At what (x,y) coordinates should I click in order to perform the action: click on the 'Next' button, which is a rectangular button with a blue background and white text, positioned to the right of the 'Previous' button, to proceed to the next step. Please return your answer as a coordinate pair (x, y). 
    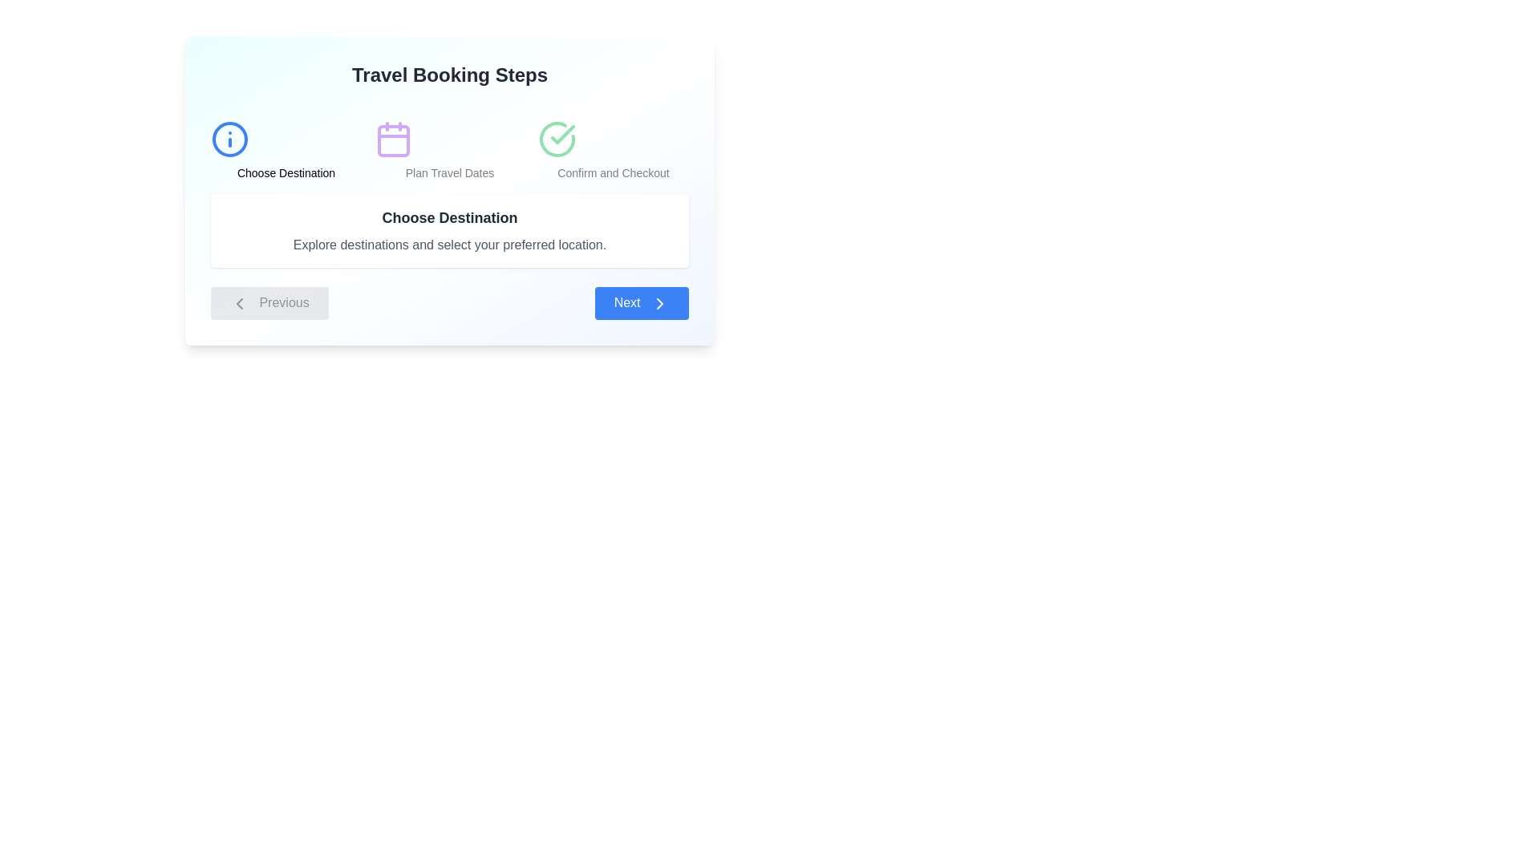
    Looking at the image, I should click on (642, 303).